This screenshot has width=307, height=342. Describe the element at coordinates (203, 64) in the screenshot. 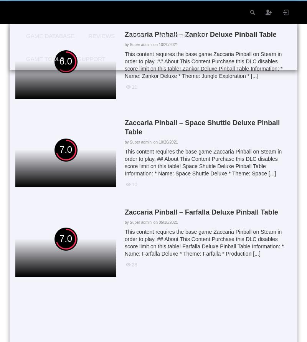

I see `'This content requires the base game Zaccaria Pinball on Steam in order to play. ## About This Content Purchase this DLC disables score limit on this table! Zankor Deluxe Pinball Table Information: * Name: Zankor Deluxe * Theme: Jungle Exploration * [...]'` at that location.